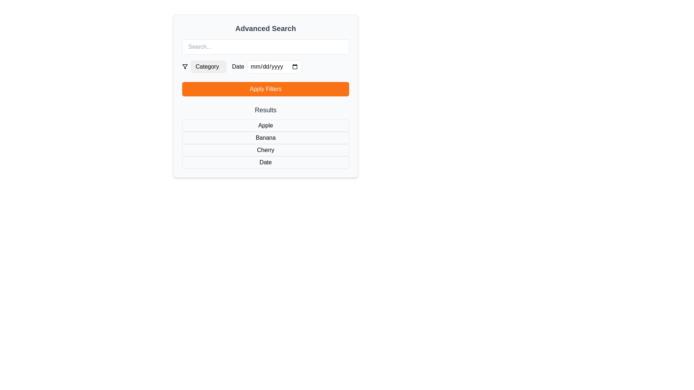  Describe the element at coordinates (265, 88) in the screenshot. I see `the filter application button located in the 'Advanced Search' section` at that location.